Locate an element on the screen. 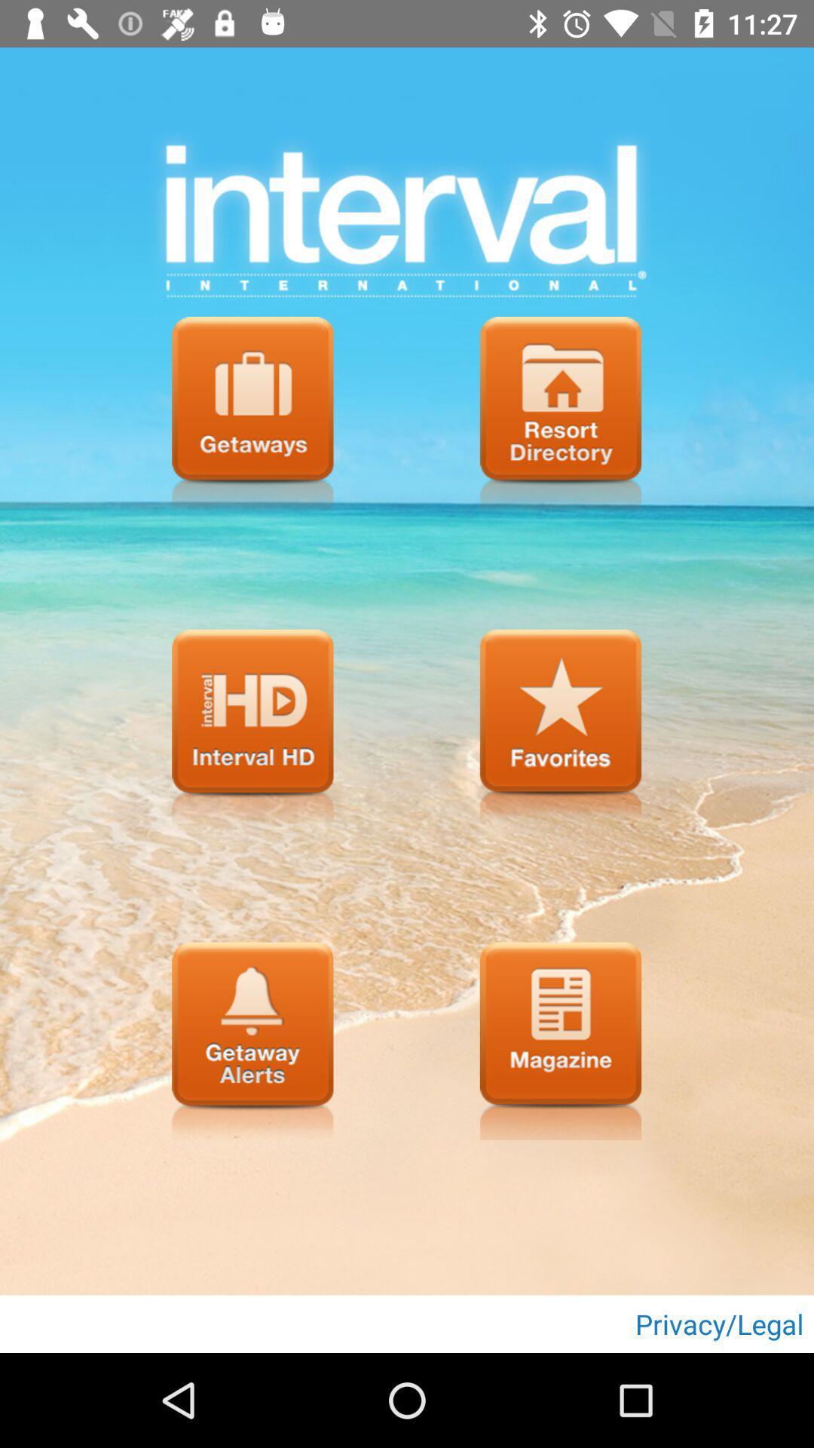  button is located at coordinates (561, 728).